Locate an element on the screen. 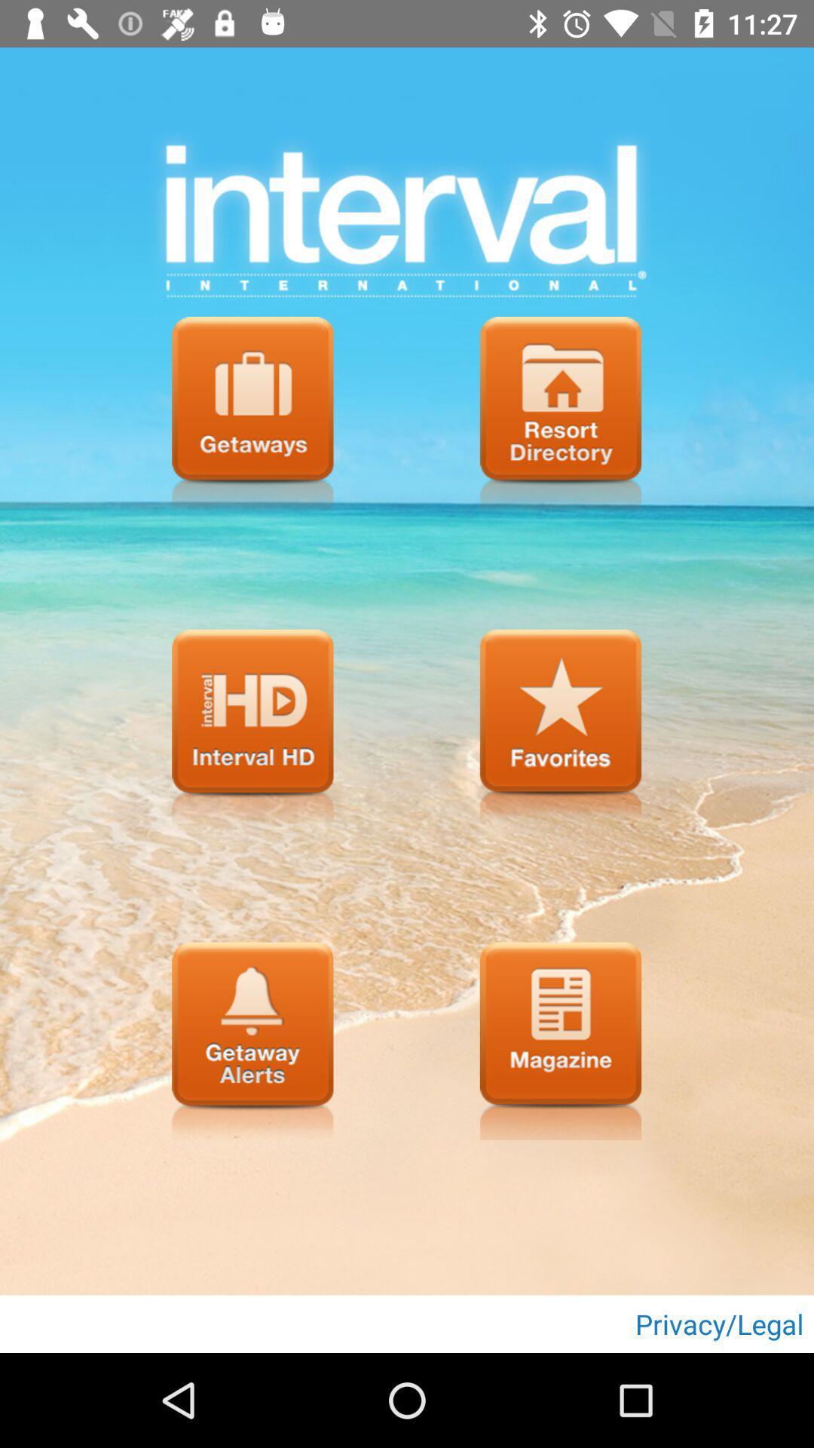  button is located at coordinates (561, 728).